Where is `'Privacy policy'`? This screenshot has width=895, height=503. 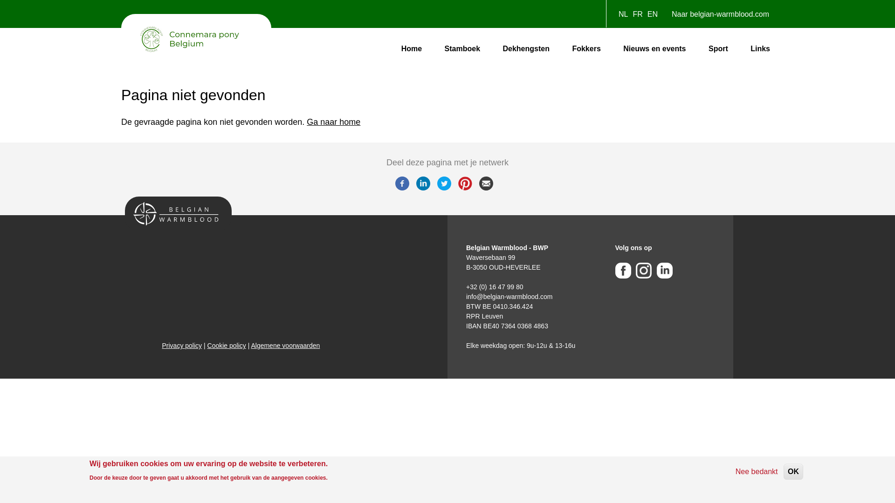
'Privacy policy' is located at coordinates (182, 345).